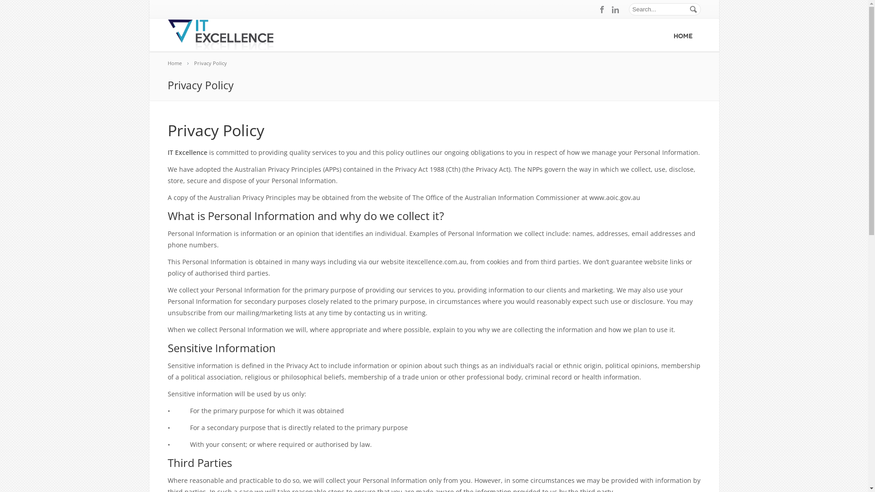 Image resolution: width=875 pixels, height=492 pixels. Describe the element at coordinates (214, 62) in the screenshot. I see `'Privacy Policy'` at that location.